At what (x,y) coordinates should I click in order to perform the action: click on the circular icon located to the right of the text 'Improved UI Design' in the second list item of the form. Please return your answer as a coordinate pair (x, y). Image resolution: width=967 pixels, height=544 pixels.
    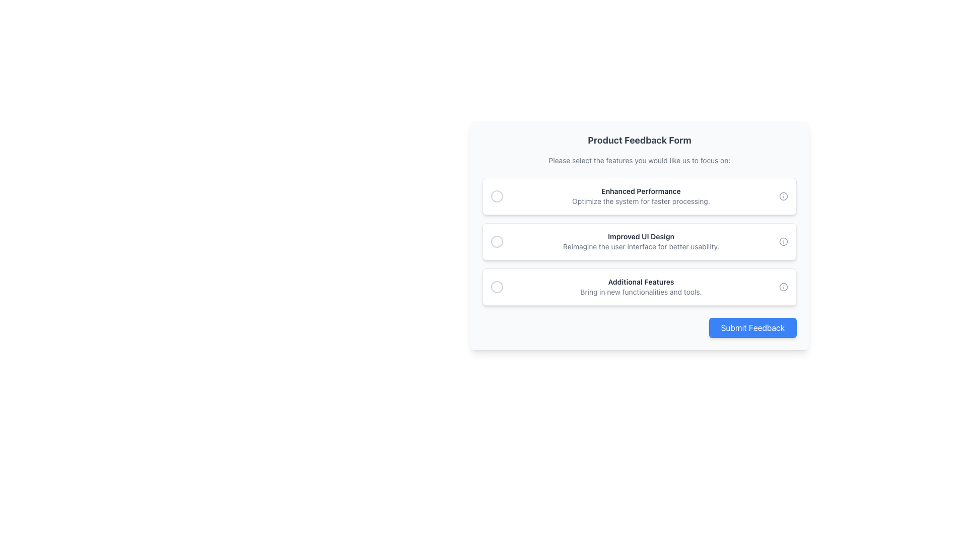
    Looking at the image, I should click on (783, 241).